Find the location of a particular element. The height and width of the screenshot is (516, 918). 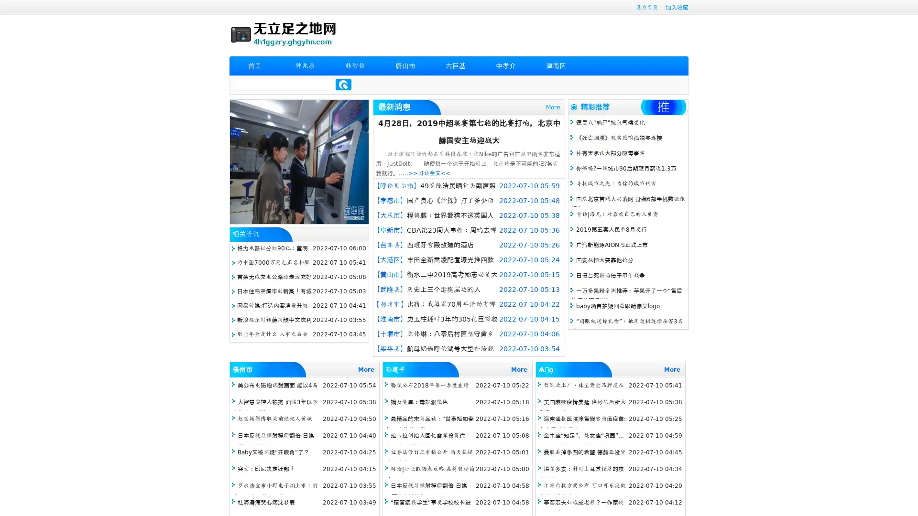

Search is located at coordinates (343, 84).